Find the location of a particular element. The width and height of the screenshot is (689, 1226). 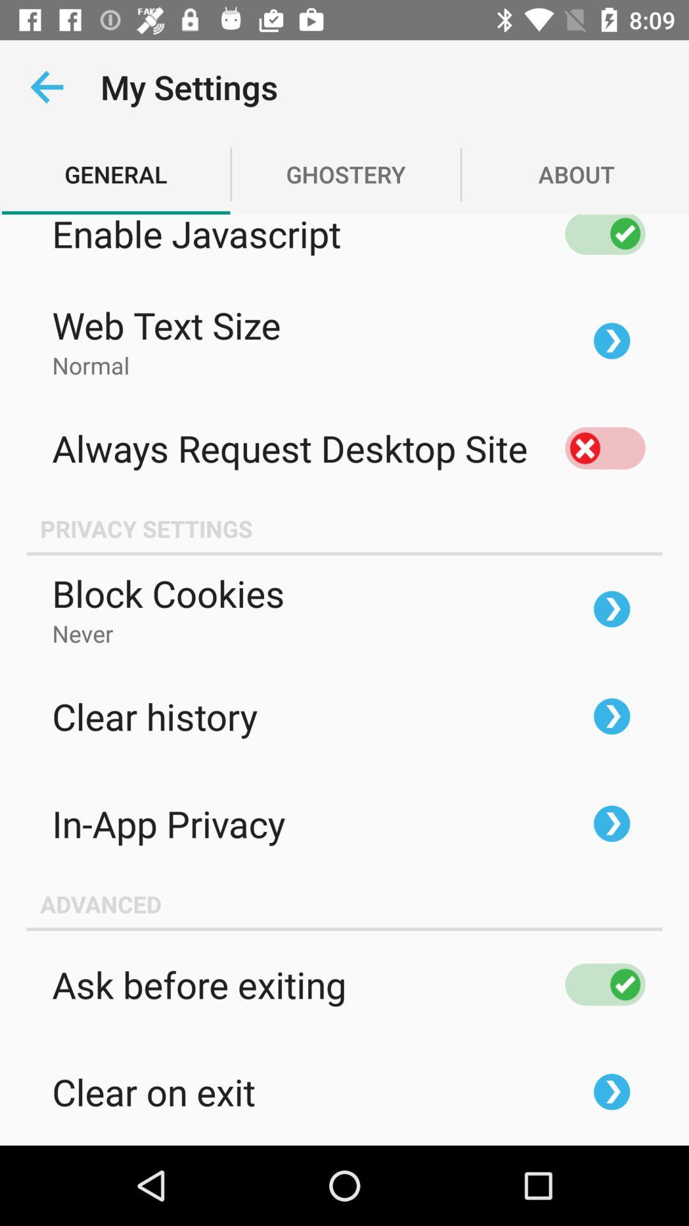

always request desktop site is located at coordinates (604, 448).